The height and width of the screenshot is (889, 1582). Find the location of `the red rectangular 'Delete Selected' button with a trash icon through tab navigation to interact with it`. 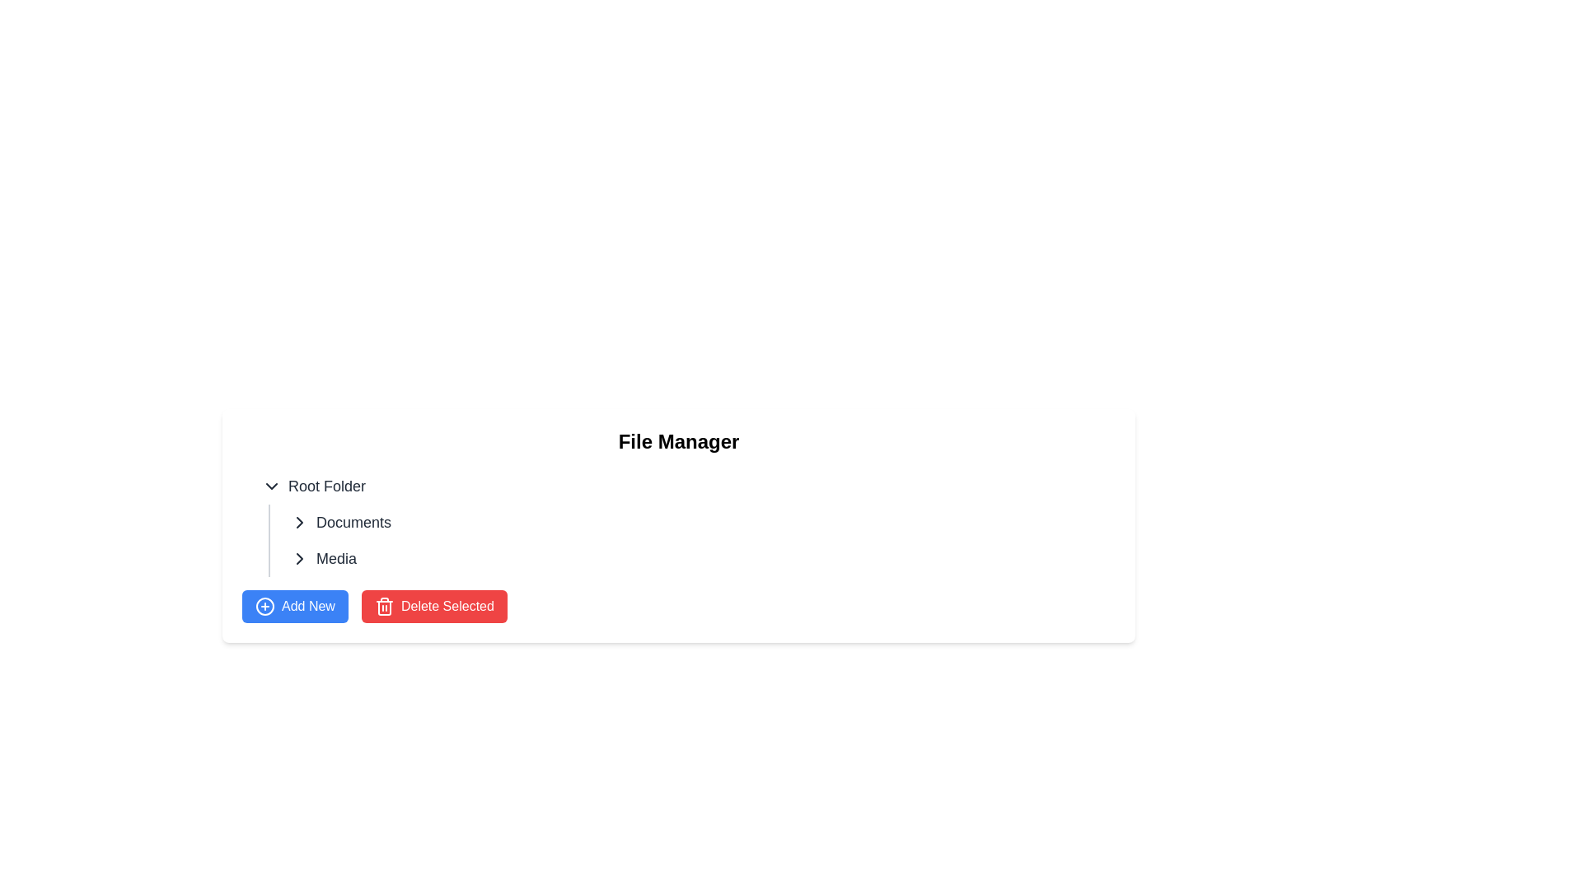

the red rectangular 'Delete Selected' button with a trash icon through tab navigation to interact with it is located at coordinates (434, 606).